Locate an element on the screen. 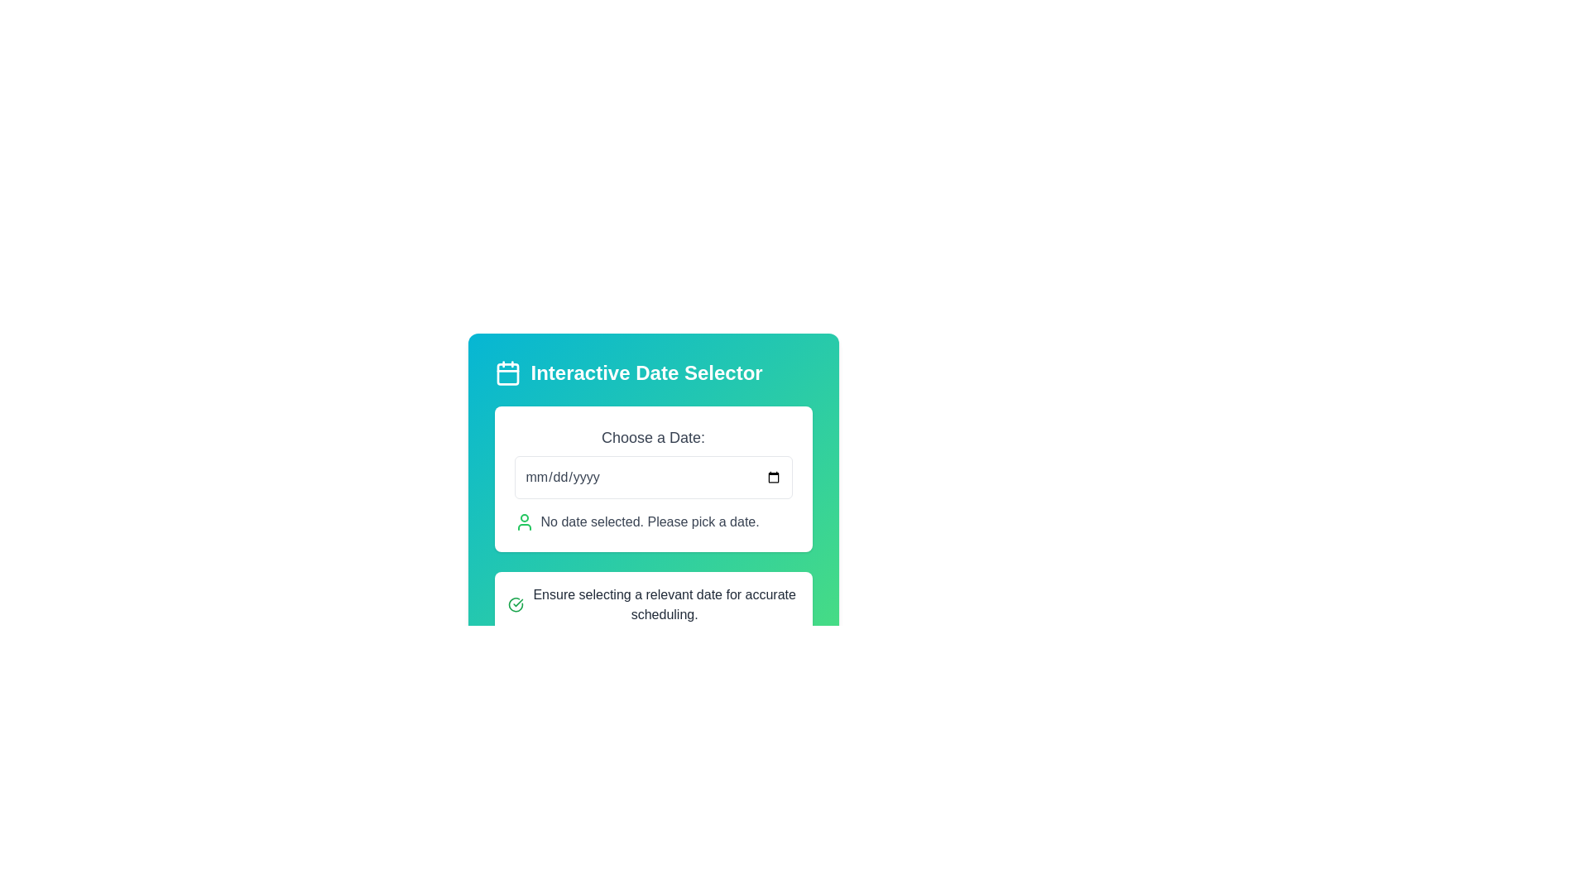 Image resolution: width=1589 pixels, height=894 pixels. the circular green icon with a checkmark, which indicates confirmation or success, located to the left of the text 'Ensure selecting a relevant date for accurate scheduling.' is located at coordinates (515, 605).